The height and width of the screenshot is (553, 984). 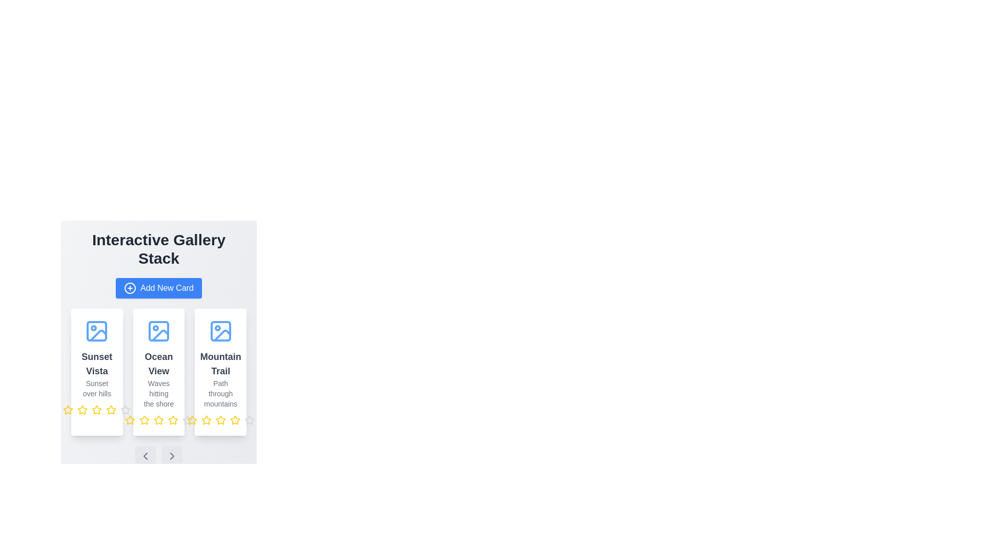 What do you see at coordinates (172, 456) in the screenshot?
I see `the small, gray right-facing chevron arrow icon` at bounding box center [172, 456].